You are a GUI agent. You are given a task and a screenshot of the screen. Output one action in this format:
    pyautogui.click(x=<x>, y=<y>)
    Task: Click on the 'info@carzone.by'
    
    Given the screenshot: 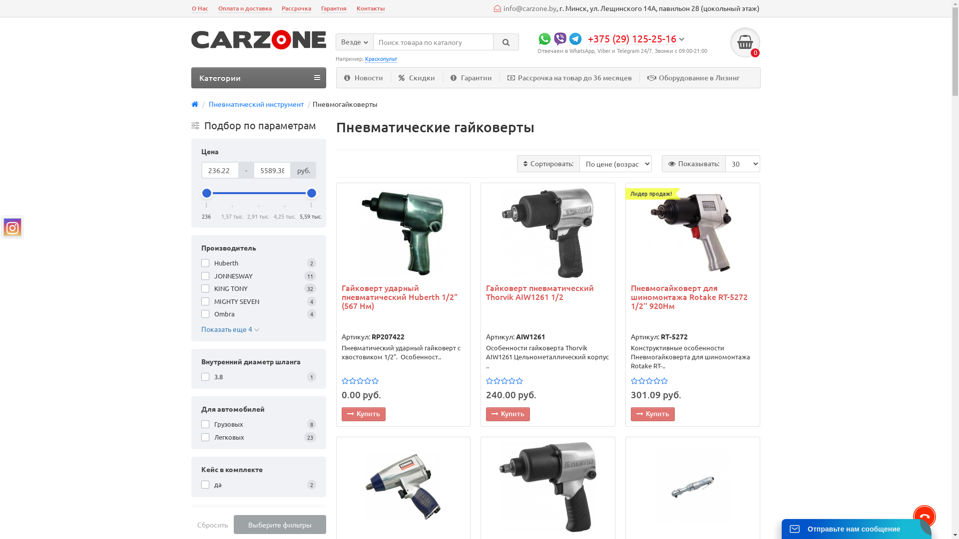 What is the action you would take?
    pyautogui.click(x=493, y=7)
    